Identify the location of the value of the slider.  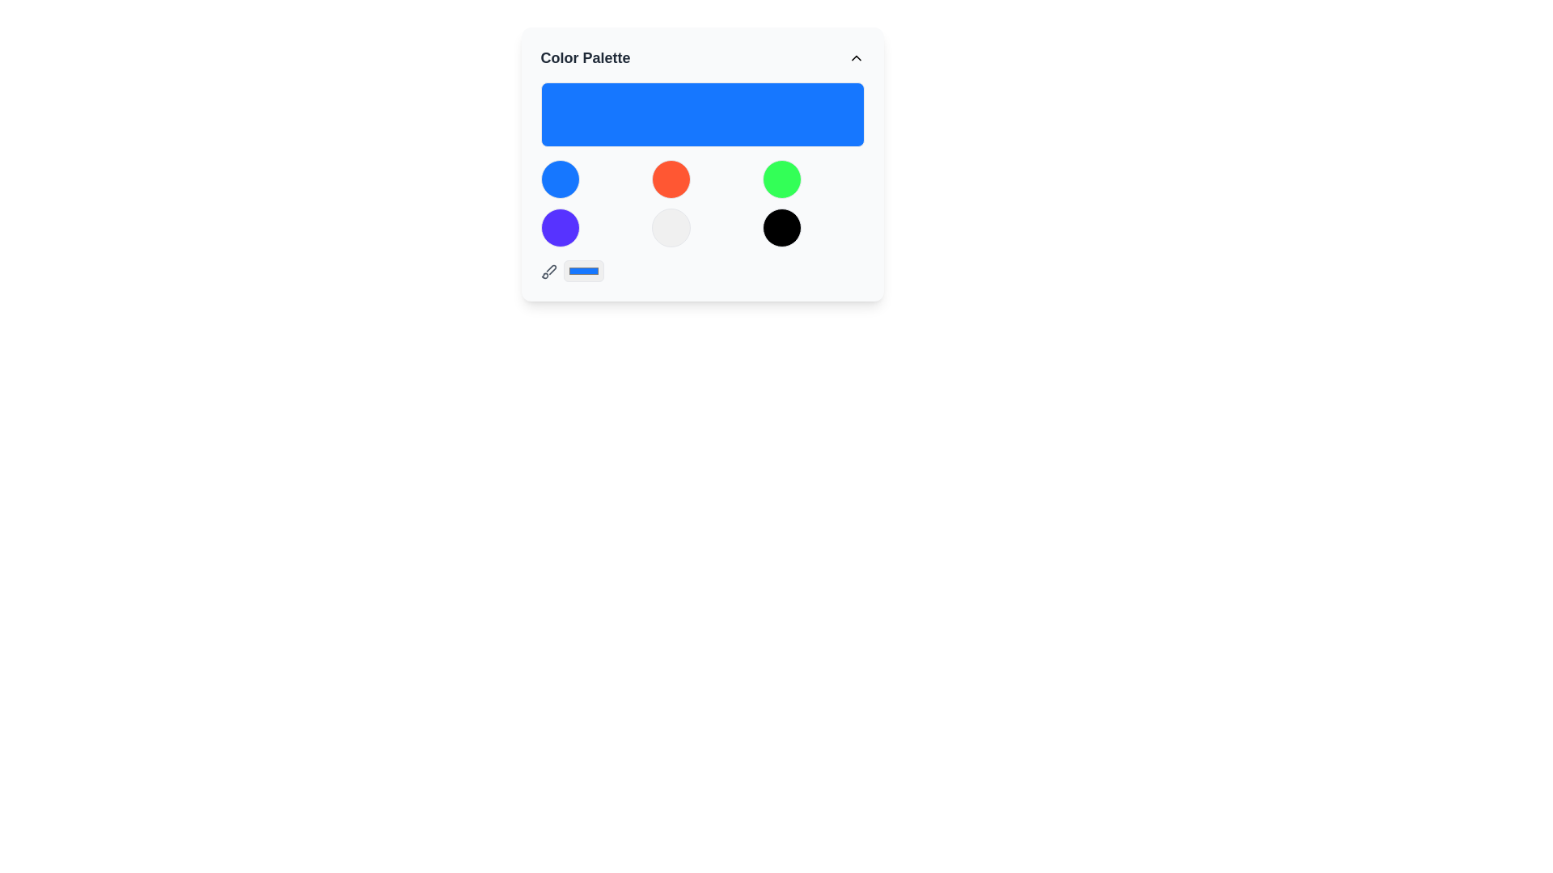
(860, 114).